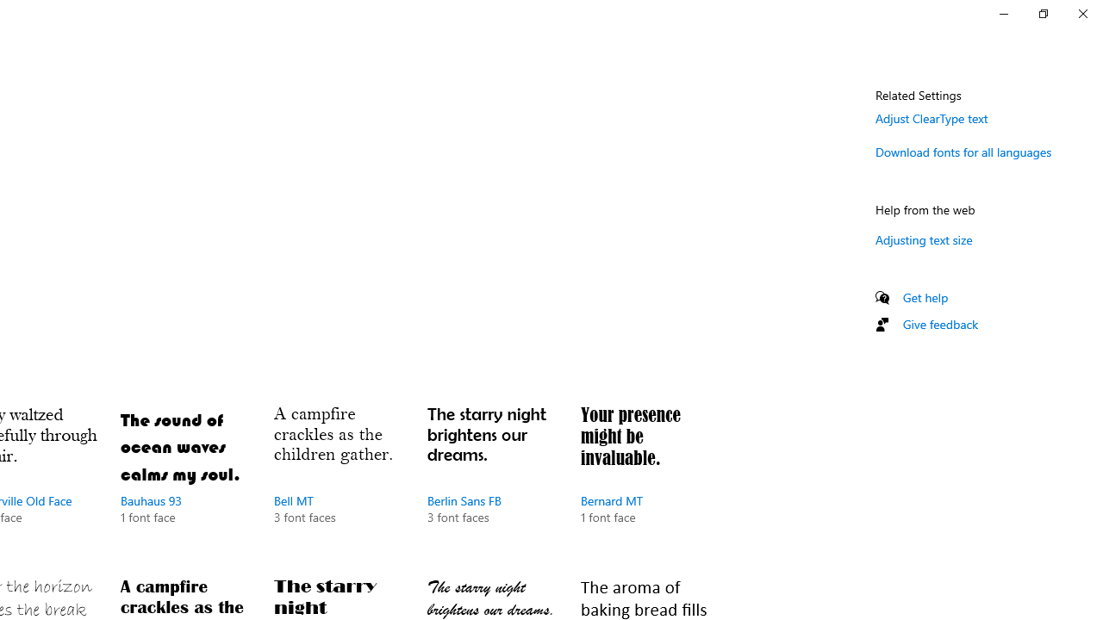 This screenshot has height=620, width=1103. What do you see at coordinates (1081, 13) in the screenshot?
I see `'Close Settings'` at bounding box center [1081, 13].